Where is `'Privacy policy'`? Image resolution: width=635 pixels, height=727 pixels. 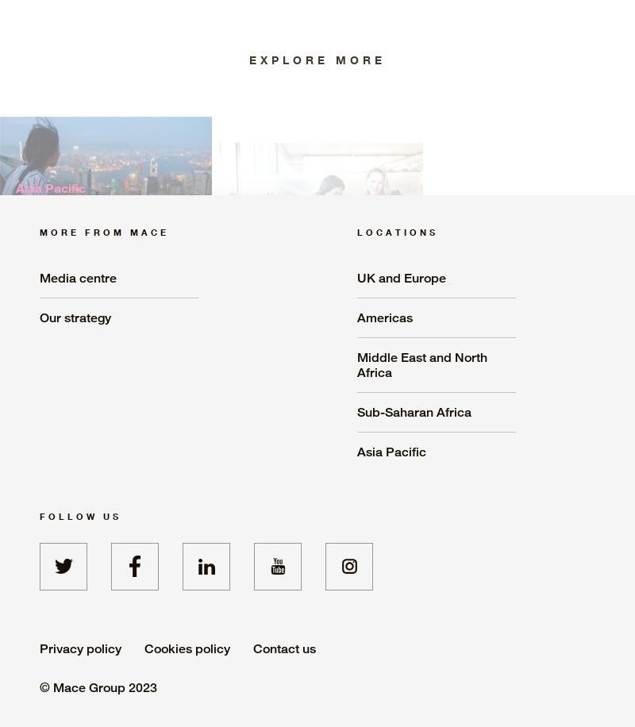 'Privacy policy' is located at coordinates (79, 648).